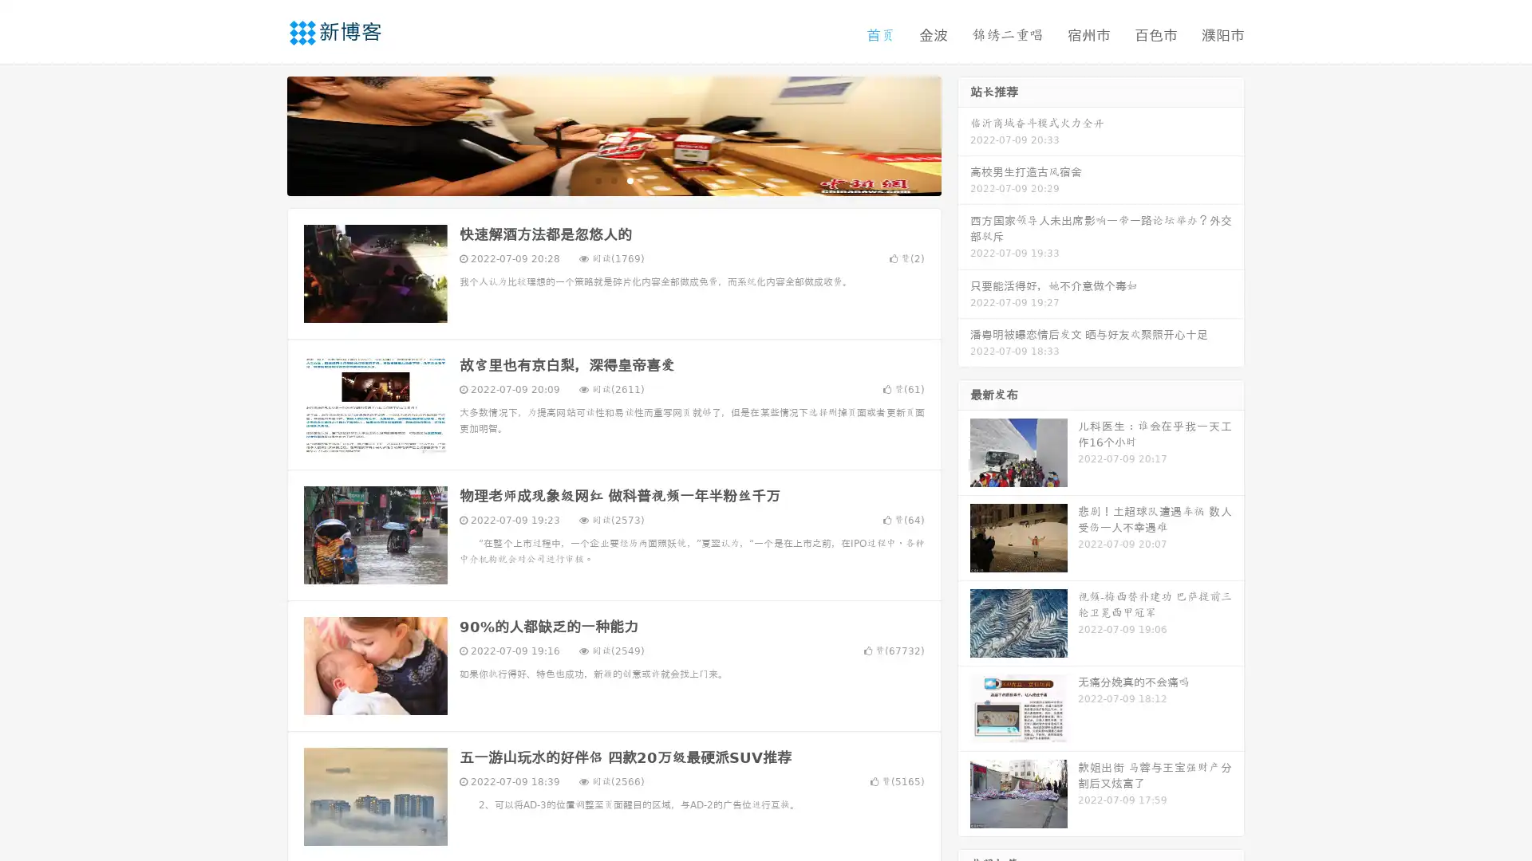  Describe the element at coordinates (613, 179) in the screenshot. I see `Go to slide 2` at that location.